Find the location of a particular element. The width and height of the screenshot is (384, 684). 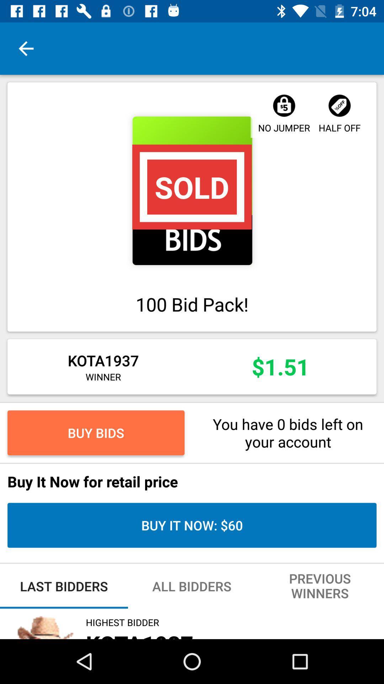

icon to the left of you have 0 is located at coordinates (96, 432).